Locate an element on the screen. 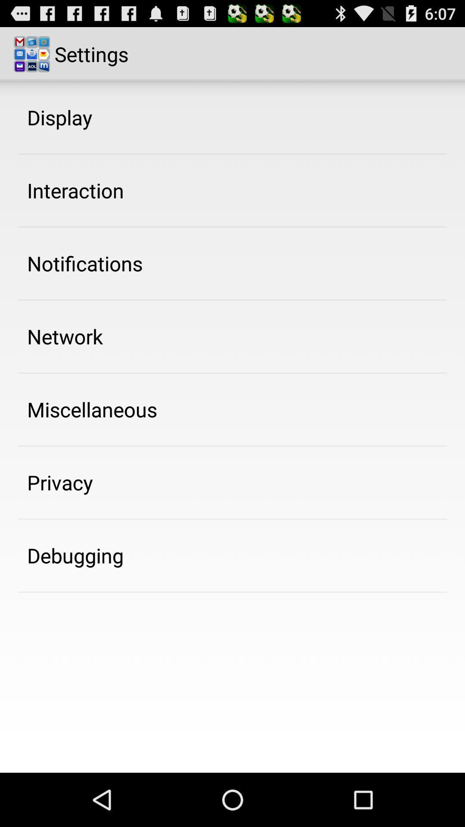 Image resolution: width=465 pixels, height=827 pixels. the item above the debugging app is located at coordinates (59, 482).